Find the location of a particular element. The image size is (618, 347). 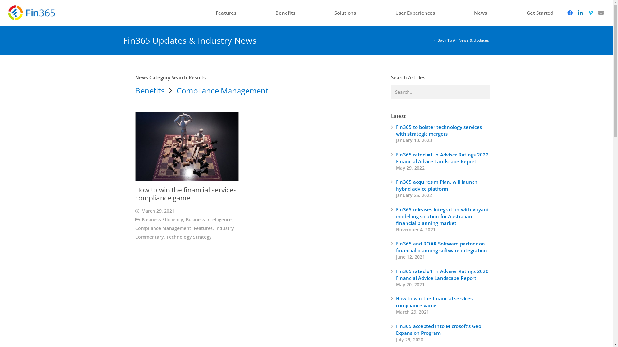

'User Experiences' is located at coordinates (415, 13).